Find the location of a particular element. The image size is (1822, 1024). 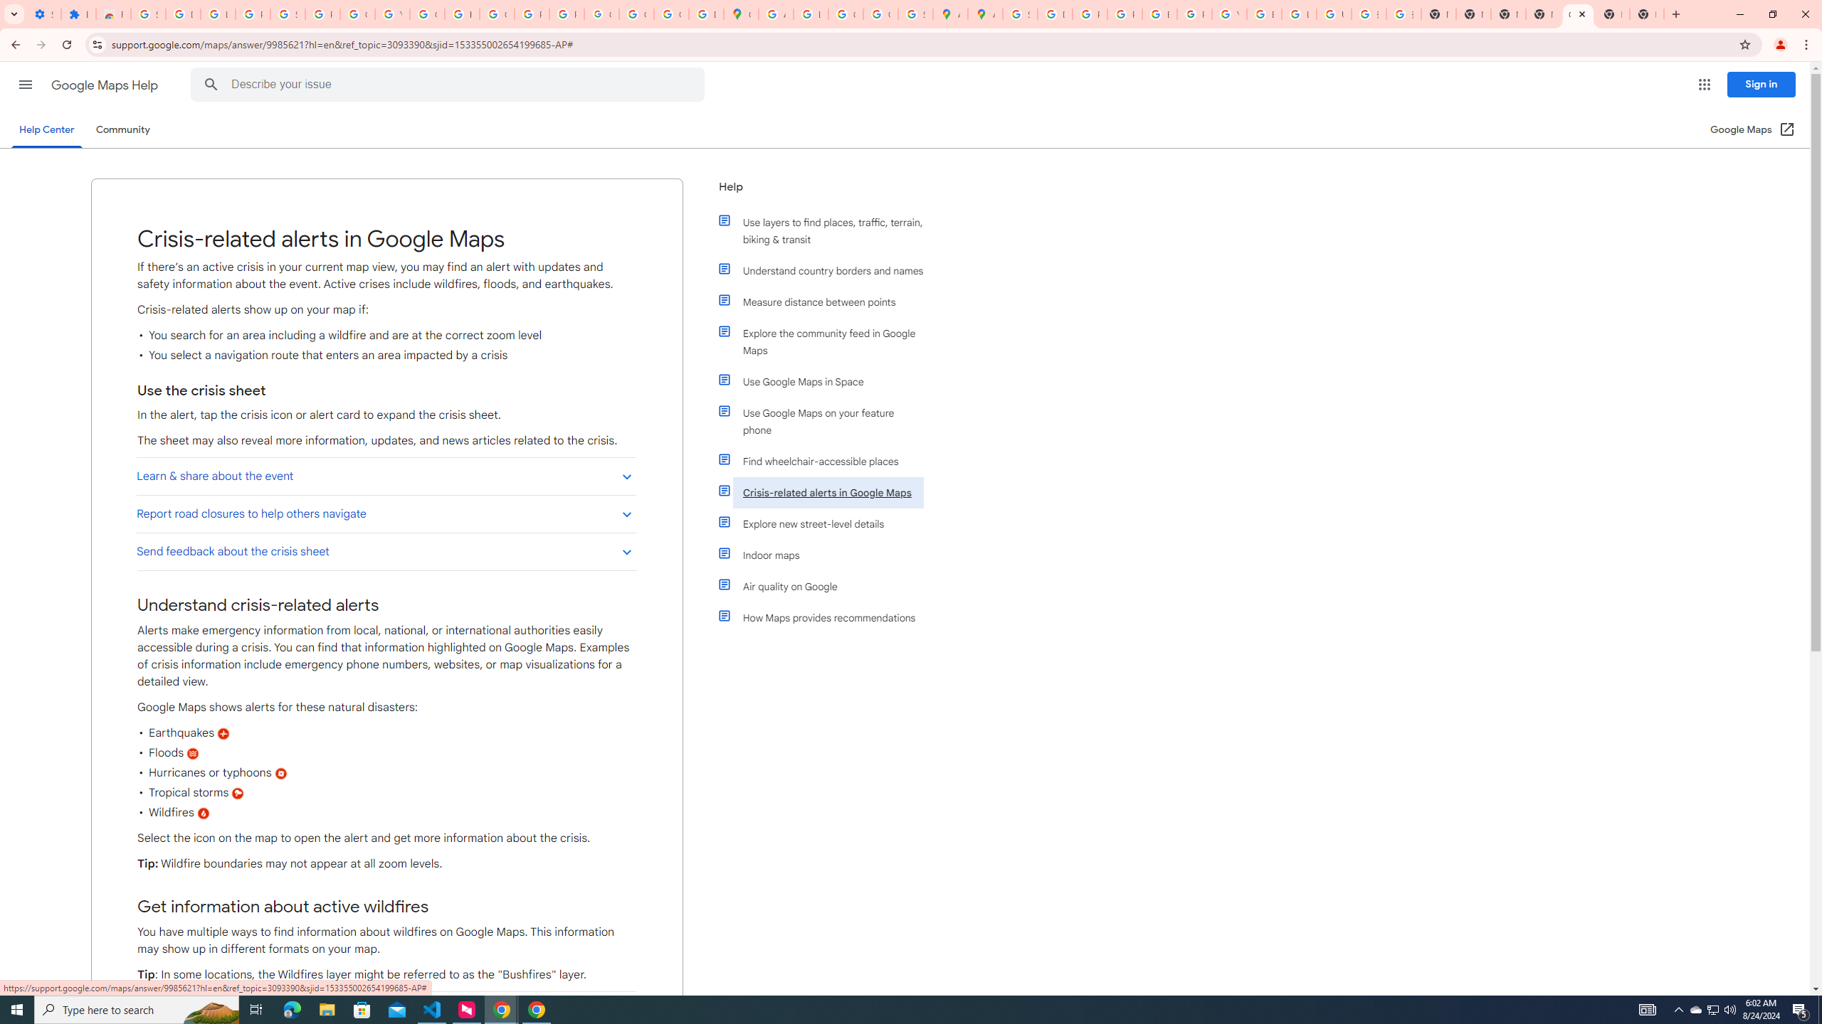

'Learn how to find your photos - Google Photos Help' is located at coordinates (218, 14).